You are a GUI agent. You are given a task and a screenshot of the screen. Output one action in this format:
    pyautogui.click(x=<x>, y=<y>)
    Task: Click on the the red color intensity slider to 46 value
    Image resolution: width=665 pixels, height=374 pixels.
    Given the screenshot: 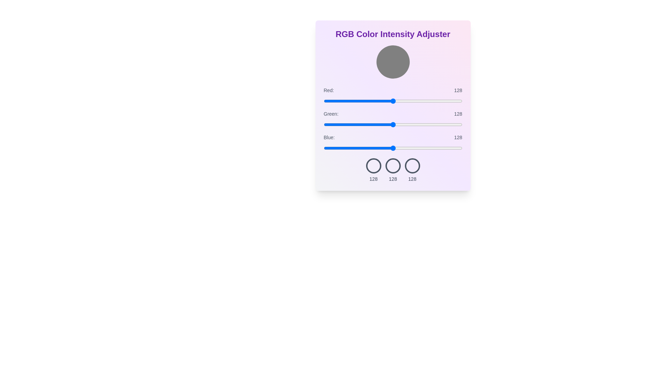 What is the action you would take?
    pyautogui.click(x=348, y=101)
    